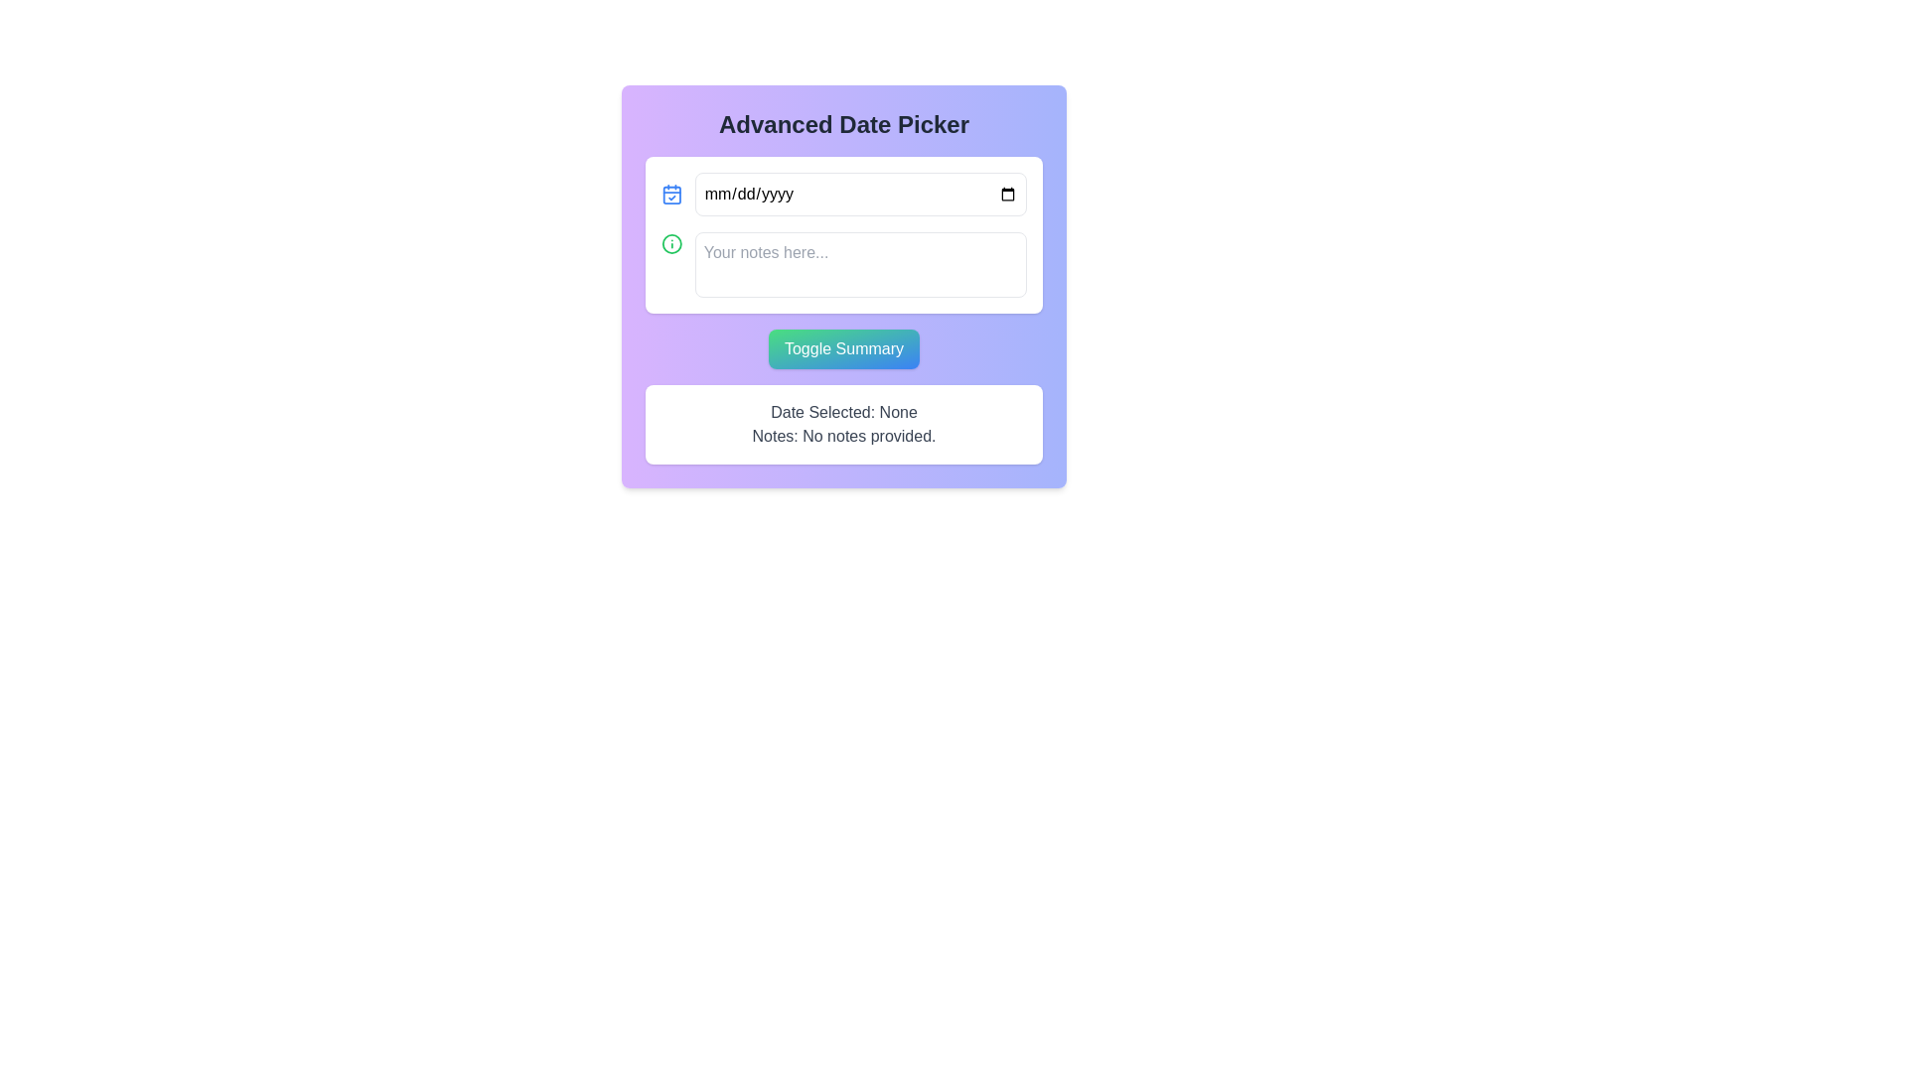  I want to click on the Decorative Shape which is a rectangle with rounded corners within the calendar icon, positioned centrally and slightly left-aligned in the SVG structure, so click(671, 195).